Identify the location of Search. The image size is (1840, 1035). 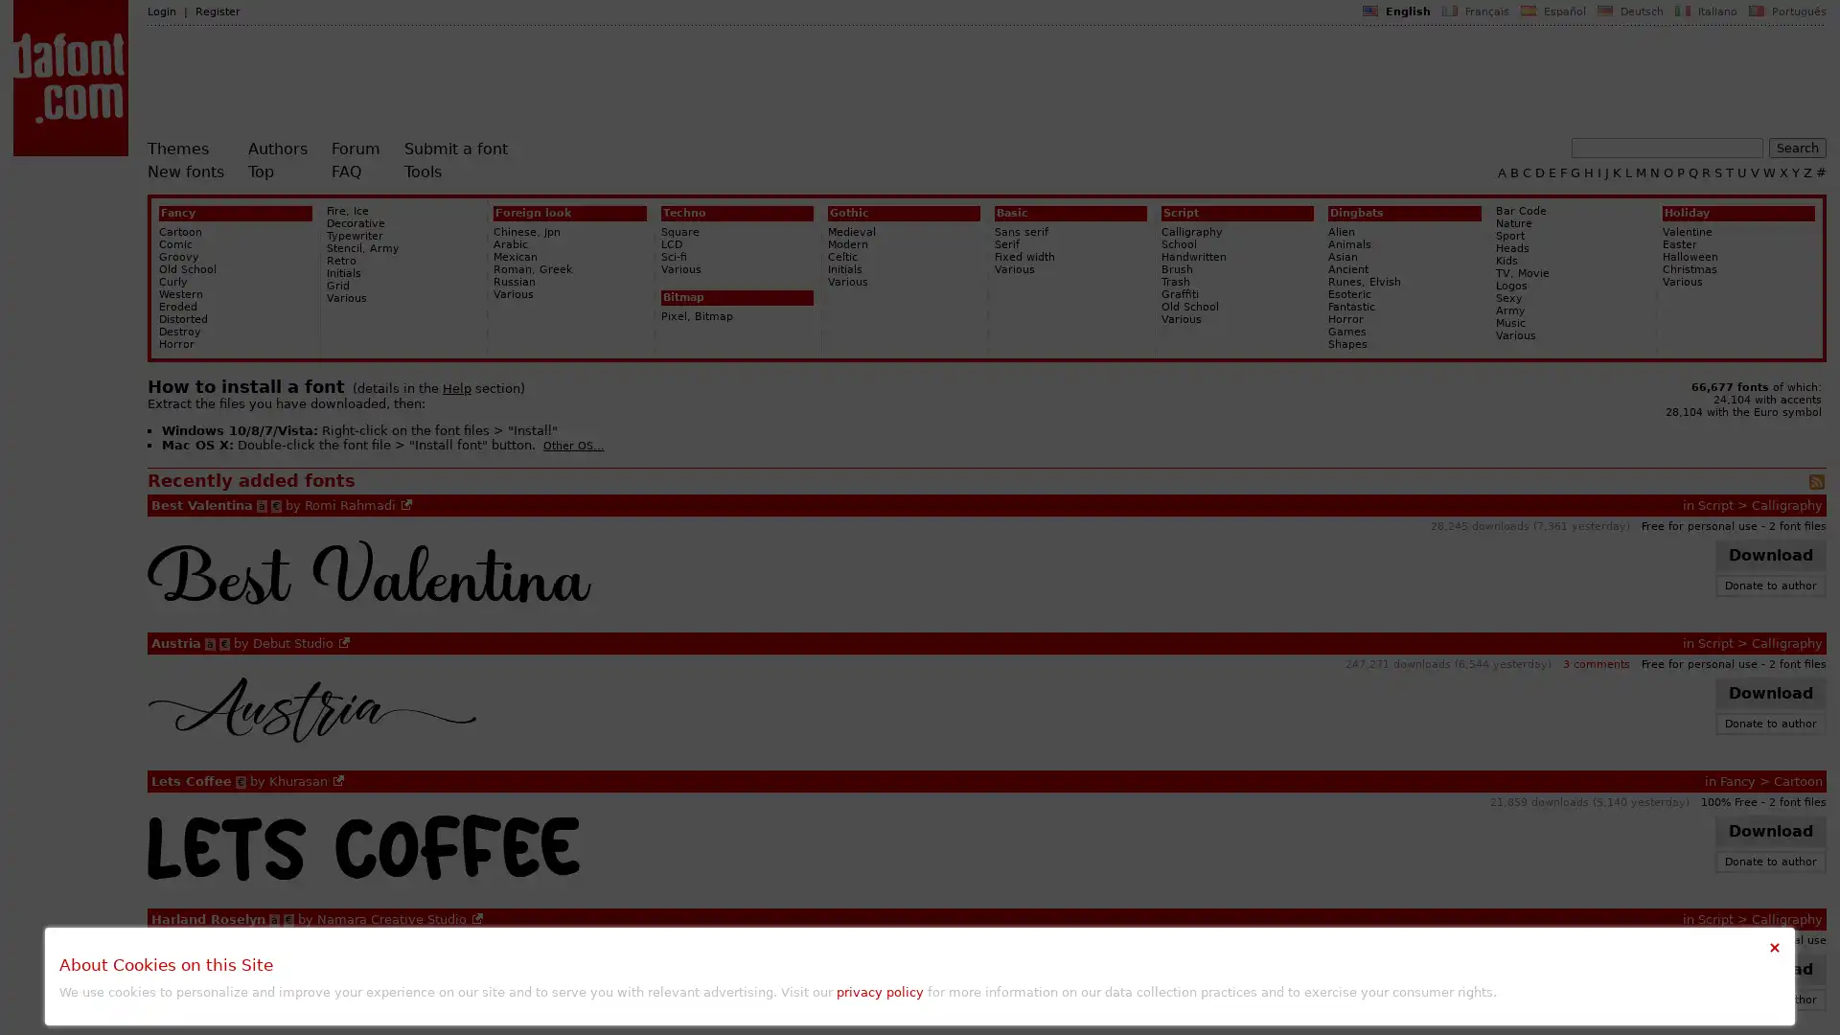
(1797, 147).